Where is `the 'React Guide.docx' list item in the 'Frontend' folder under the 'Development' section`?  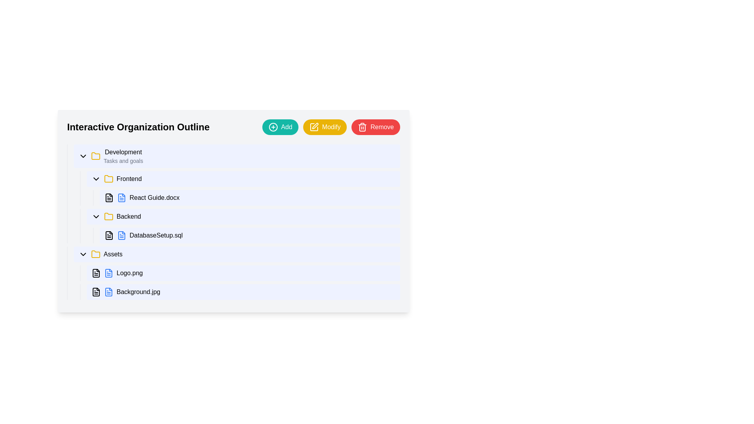 the 'React Guide.docx' list item in the 'Frontend' folder under the 'Development' section is located at coordinates (249, 197).